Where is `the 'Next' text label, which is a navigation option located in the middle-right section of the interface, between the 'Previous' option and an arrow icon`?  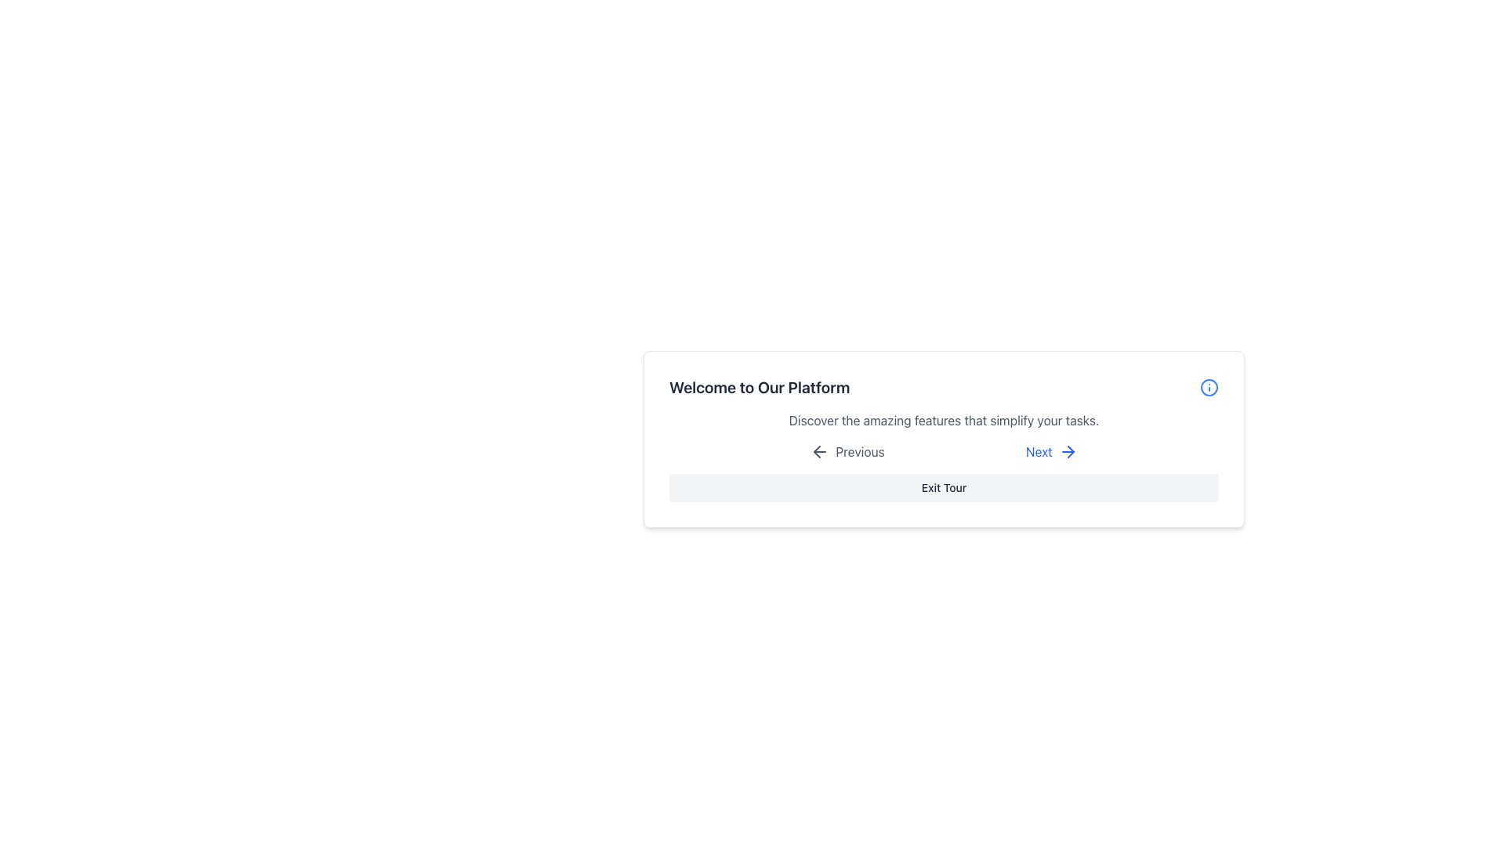 the 'Next' text label, which is a navigation option located in the middle-right section of the interface, between the 'Previous' option and an arrow icon is located at coordinates (1039, 452).